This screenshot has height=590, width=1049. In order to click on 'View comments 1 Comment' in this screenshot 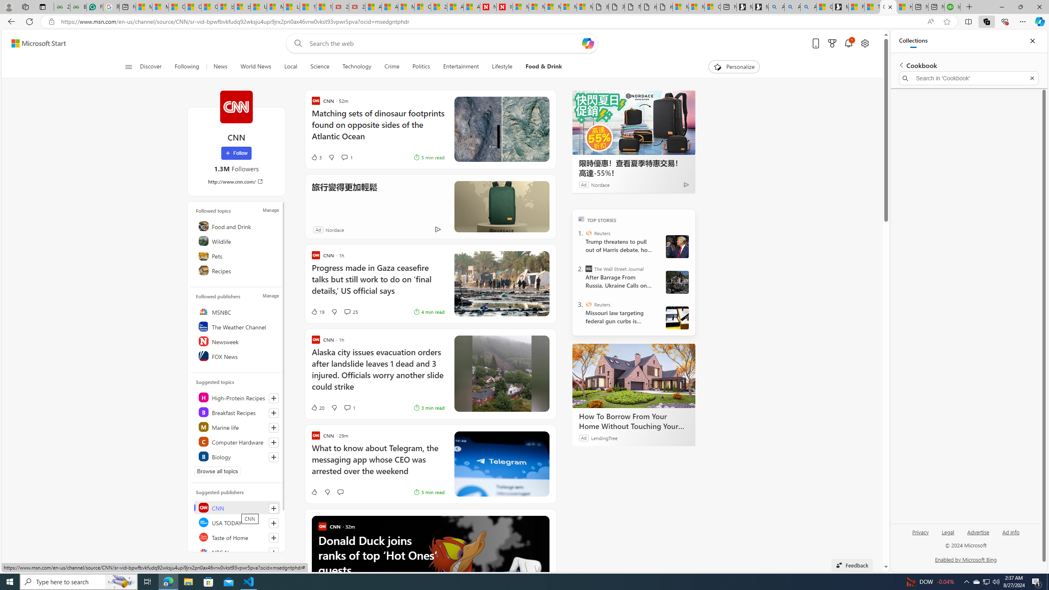, I will do `click(347, 408)`.